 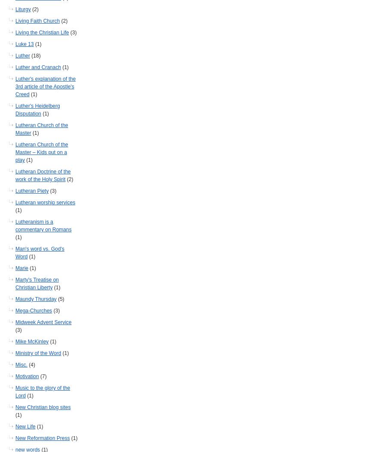 What do you see at coordinates (22, 56) in the screenshot?
I see `'Luther'` at bounding box center [22, 56].